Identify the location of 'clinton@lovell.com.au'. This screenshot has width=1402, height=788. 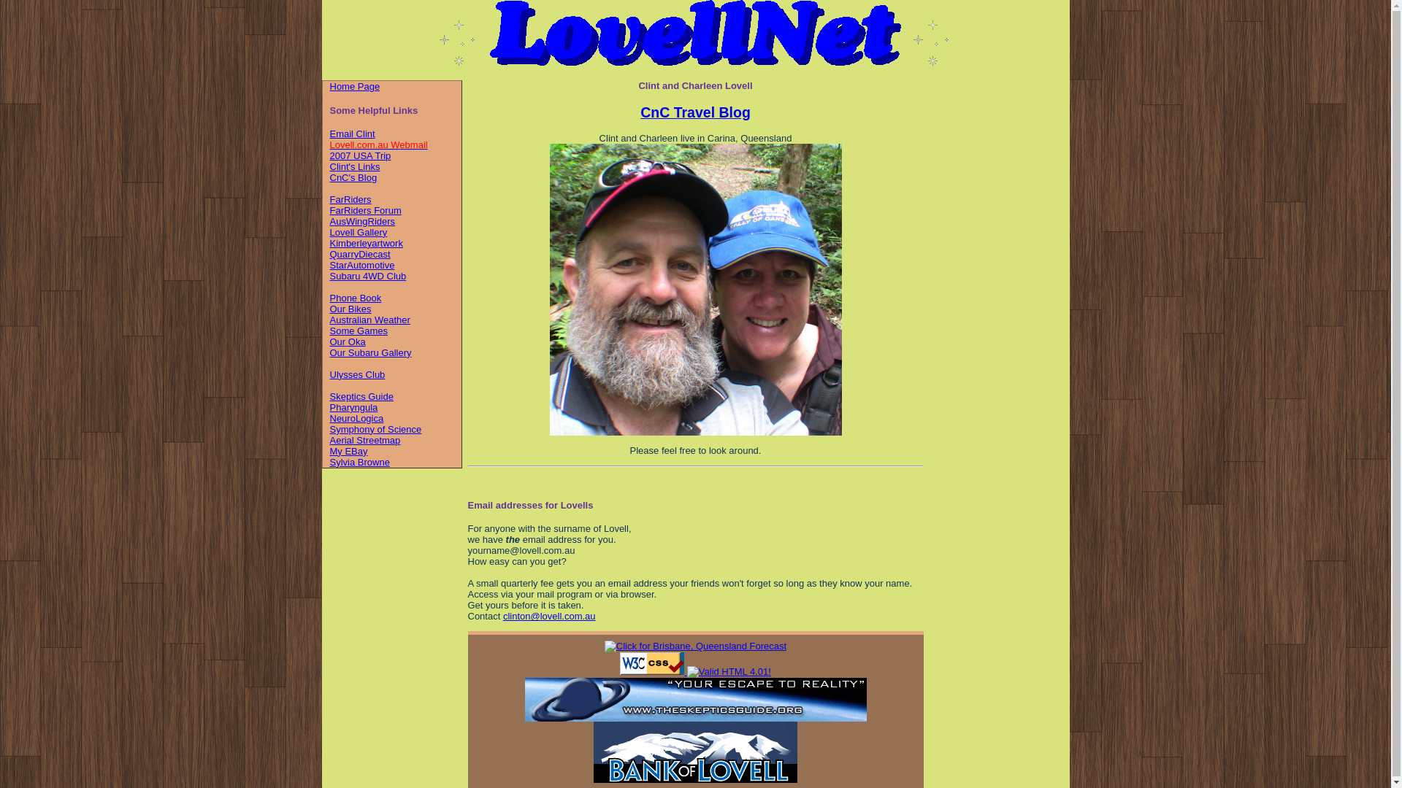
(548, 616).